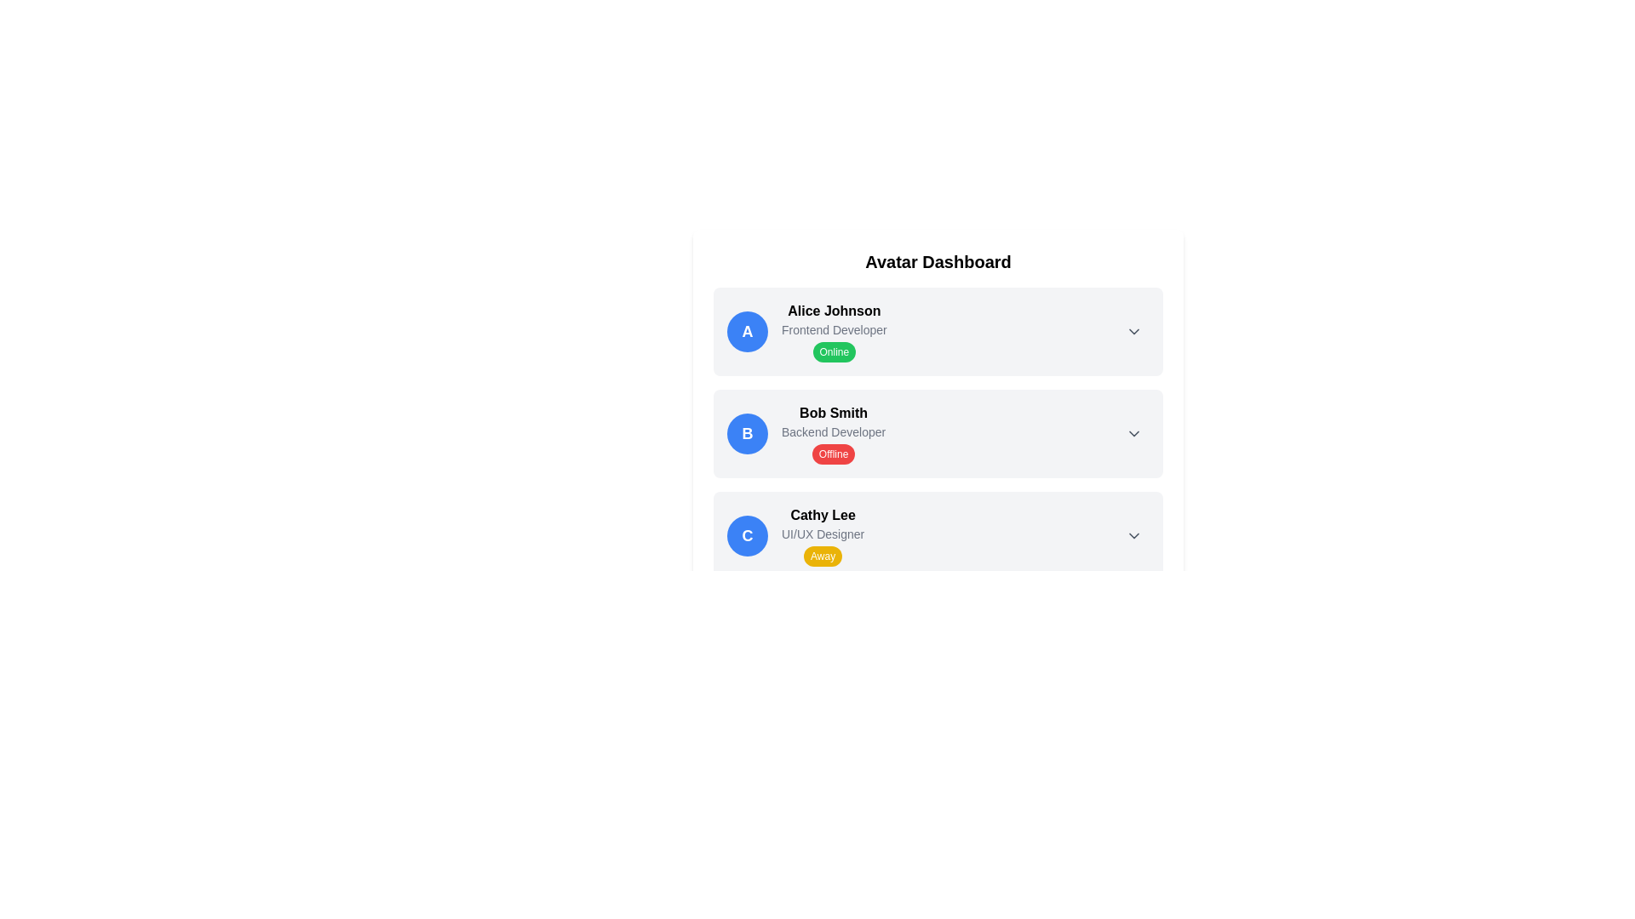 The image size is (1635, 919). What do you see at coordinates (1133, 432) in the screenshot?
I see `the icon located in the middle of the right edge of the second user card associated with Bob Smith` at bounding box center [1133, 432].